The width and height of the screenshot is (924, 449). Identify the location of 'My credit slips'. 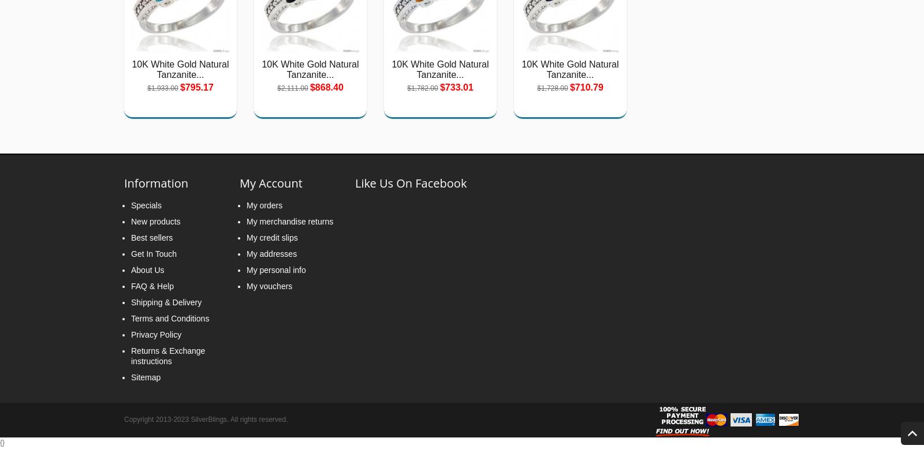
(271, 238).